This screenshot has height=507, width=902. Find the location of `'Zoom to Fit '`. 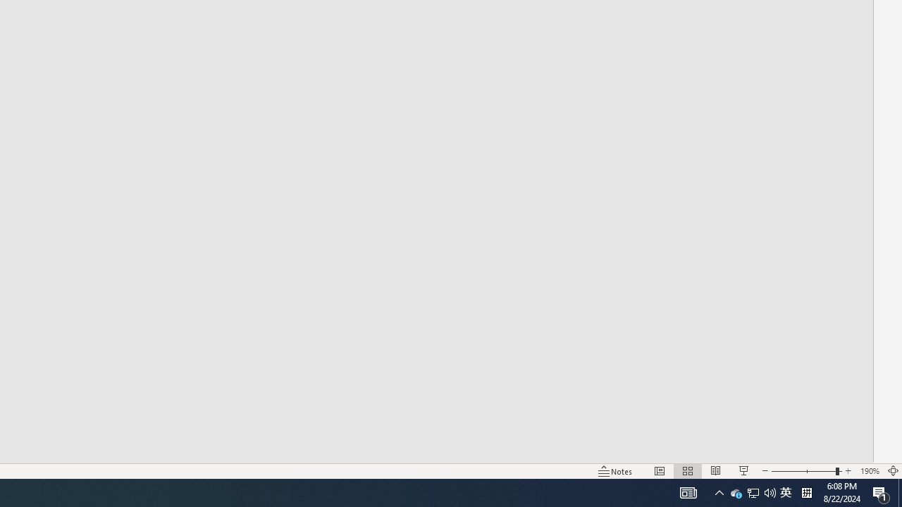

'Zoom to Fit ' is located at coordinates (892, 471).